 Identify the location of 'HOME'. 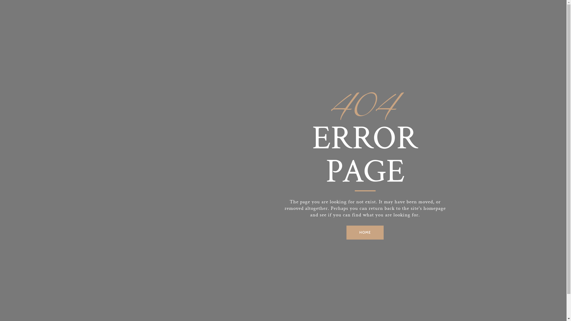
(365, 232).